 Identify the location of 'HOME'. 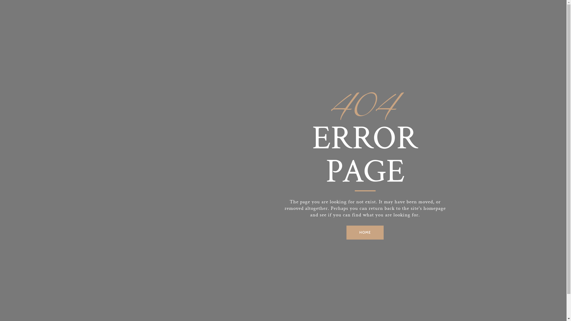
(365, 232).